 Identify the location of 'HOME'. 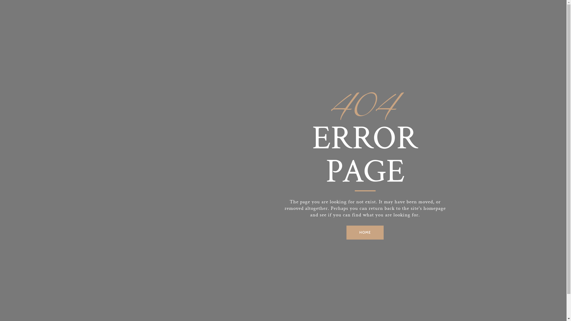
(365, 232).